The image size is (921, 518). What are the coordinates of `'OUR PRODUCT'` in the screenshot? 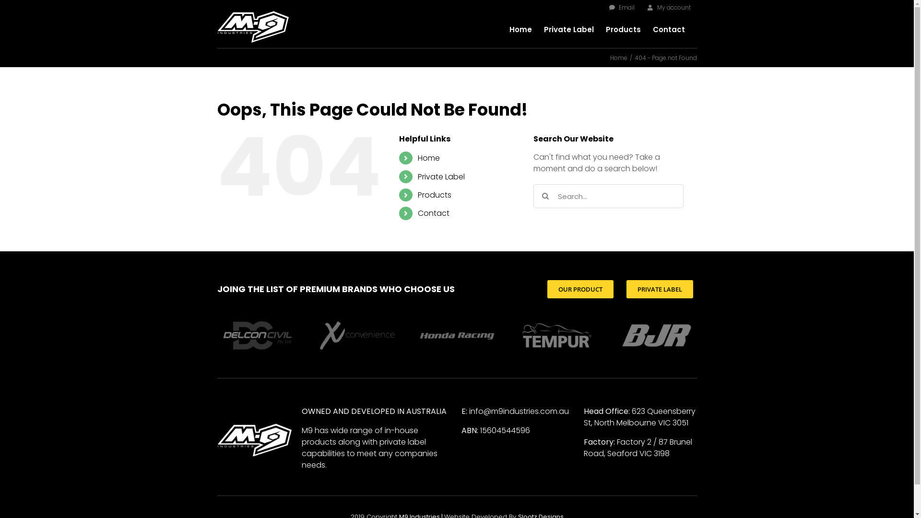 It's located at (579, 288).